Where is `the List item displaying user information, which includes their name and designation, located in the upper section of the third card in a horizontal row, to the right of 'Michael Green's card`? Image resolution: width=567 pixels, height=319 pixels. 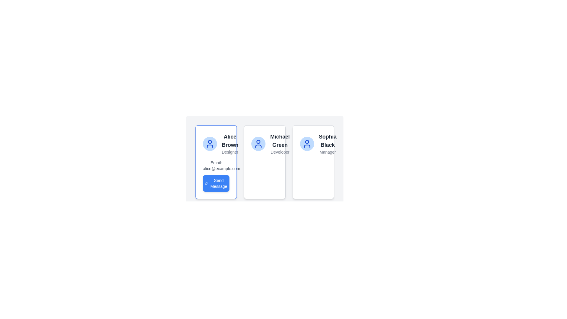 the List item displaying user information, which includes their name and designation, located in the upper section of the third card in a horizontal row, to the right of 'Michael Green's card is located at coordinates (313, 144).